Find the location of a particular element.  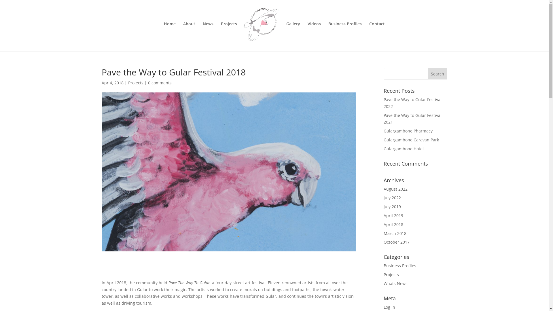

'July 2019' is located at coordinates (392, 206).